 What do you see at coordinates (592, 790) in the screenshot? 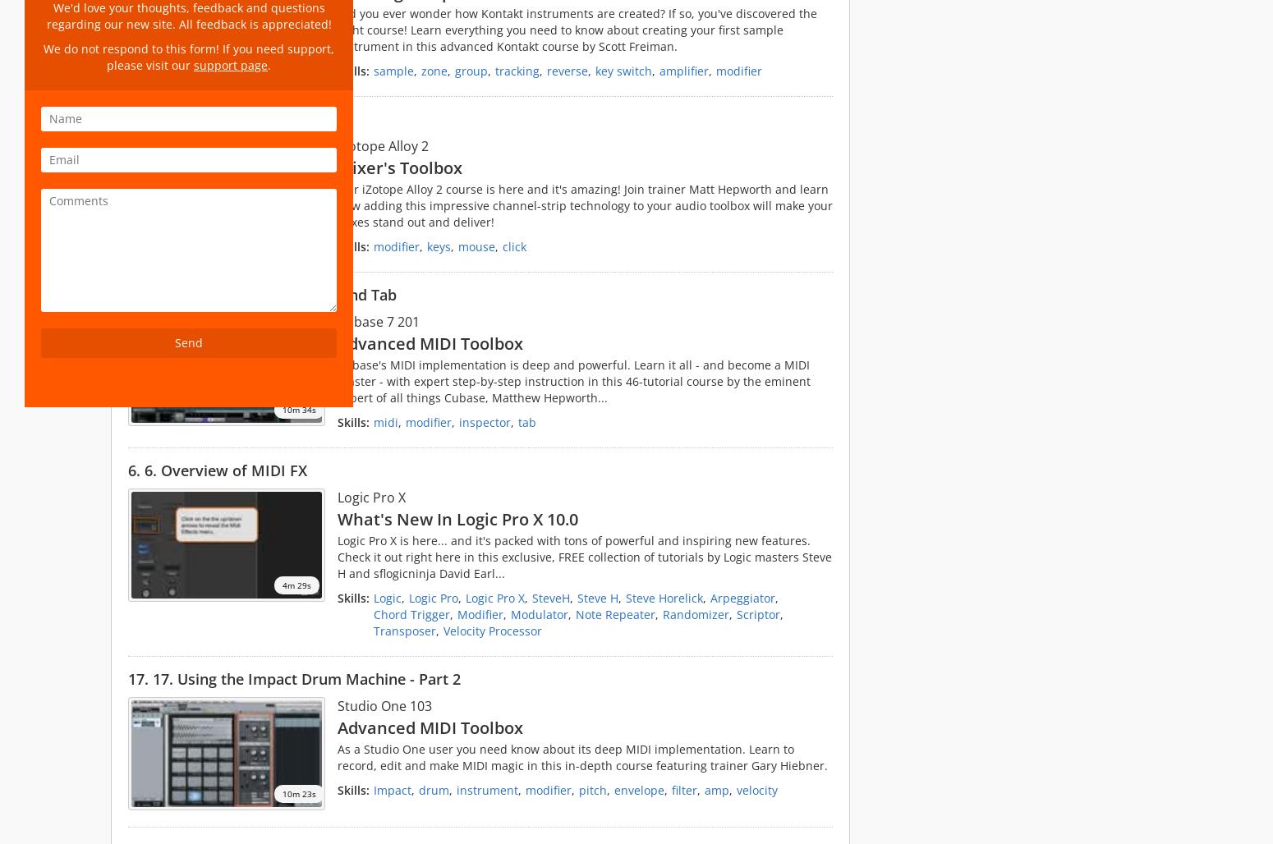
I see `'pitch'` at bounding box center [592, 790].